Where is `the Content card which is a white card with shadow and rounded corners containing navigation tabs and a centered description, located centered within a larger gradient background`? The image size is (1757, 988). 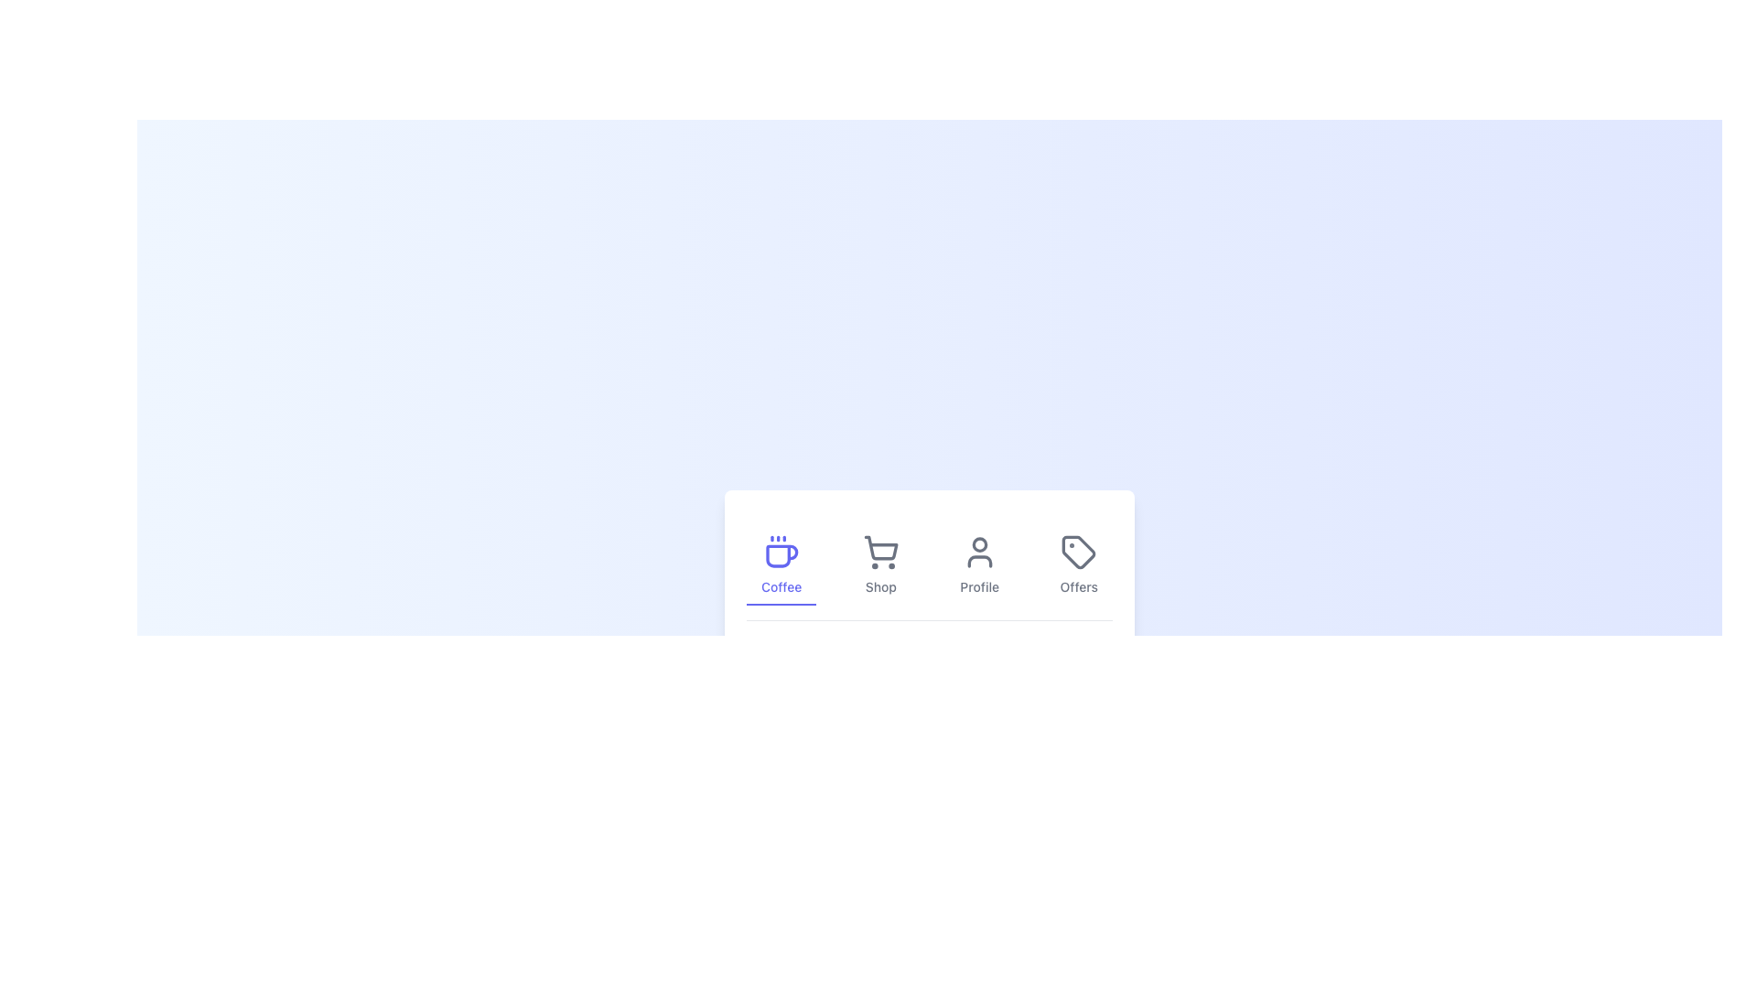 the Content card which is a white card with shadow and rounded corners containing navigation tabs and a centered description, located centered within a larger gradient background is located at coordinates (930, 614).